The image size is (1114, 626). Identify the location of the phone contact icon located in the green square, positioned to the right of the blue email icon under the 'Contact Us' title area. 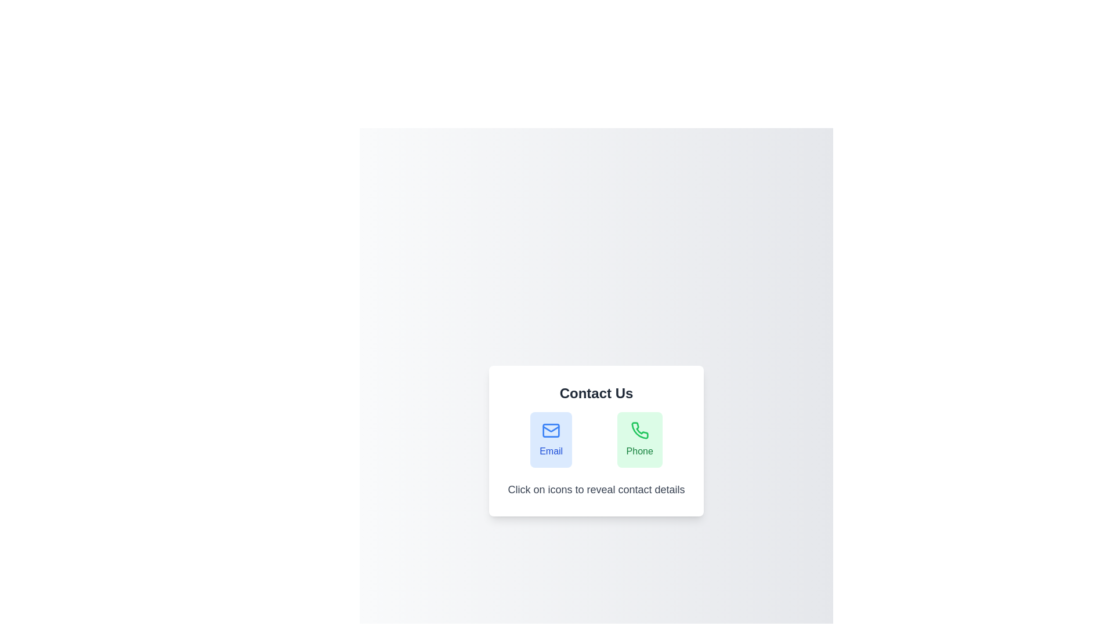
(639, 430).